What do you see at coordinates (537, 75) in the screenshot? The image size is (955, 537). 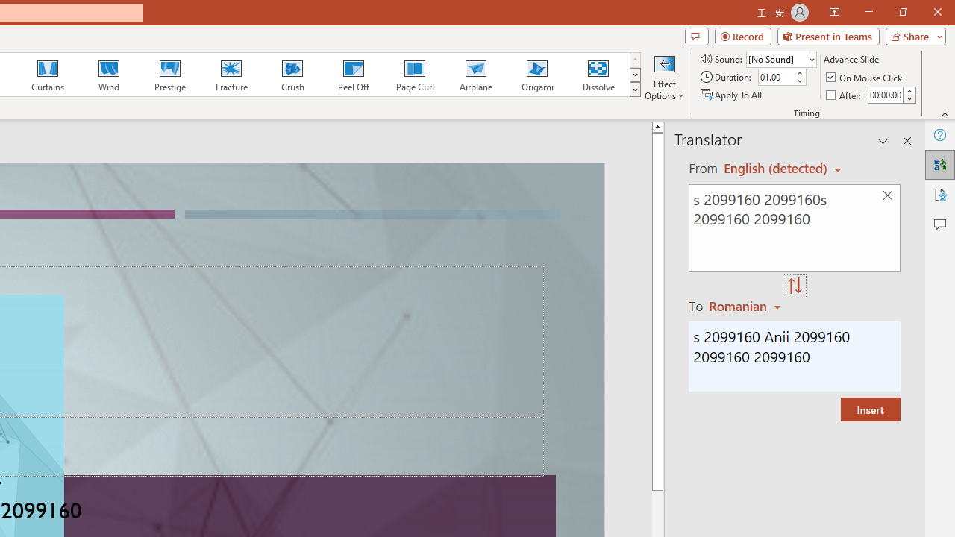 I see `'Origami'` at bounding box center [537, 75].